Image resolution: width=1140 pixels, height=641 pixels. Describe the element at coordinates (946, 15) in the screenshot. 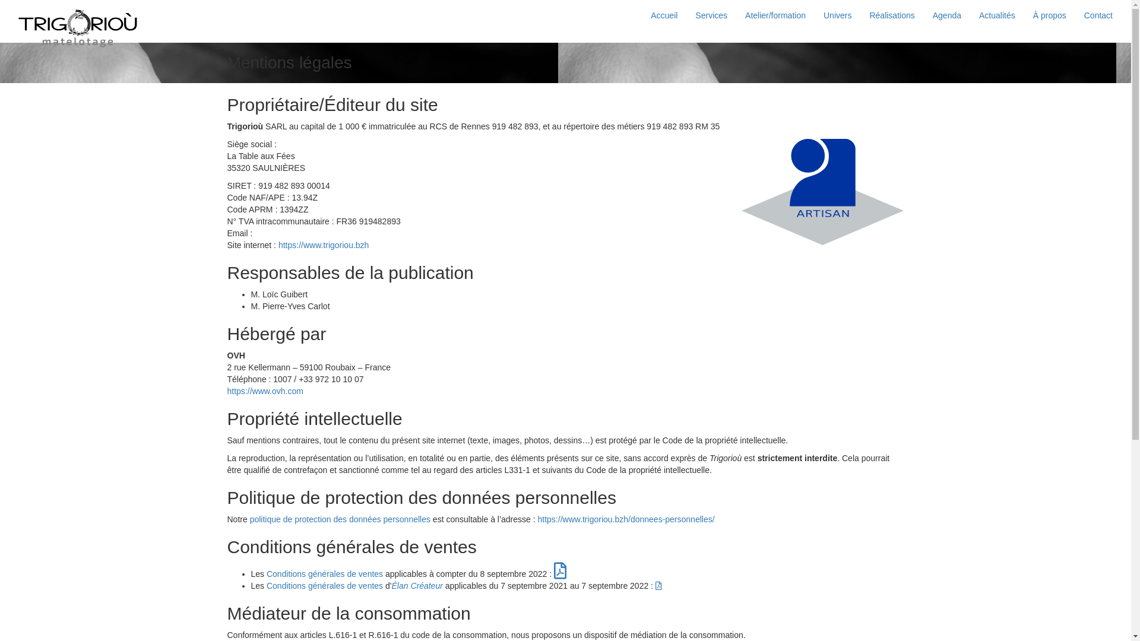

I see `'Agenda'` at that location.